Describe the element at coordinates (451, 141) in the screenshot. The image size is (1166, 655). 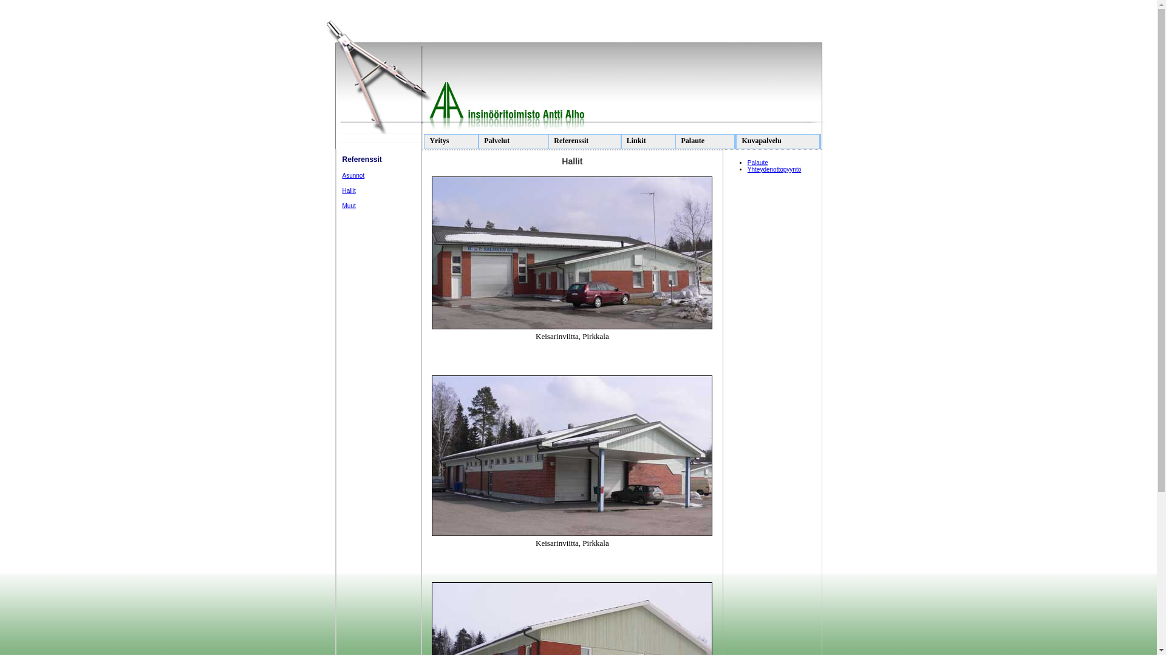
I see `'Yritys'` at that location.